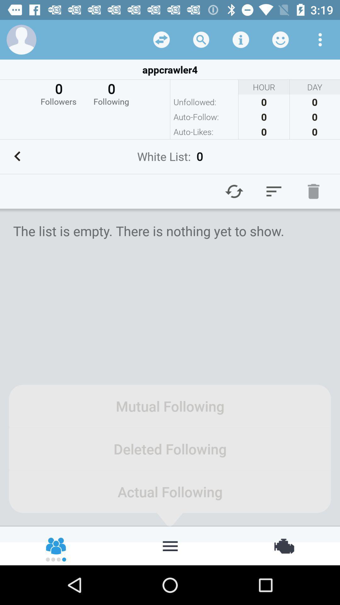 This screenshot has height=605, width=340. What do you see at coordinates (161, 39) in the screenshot?
I see `expand` at bounding box center [161, 39].